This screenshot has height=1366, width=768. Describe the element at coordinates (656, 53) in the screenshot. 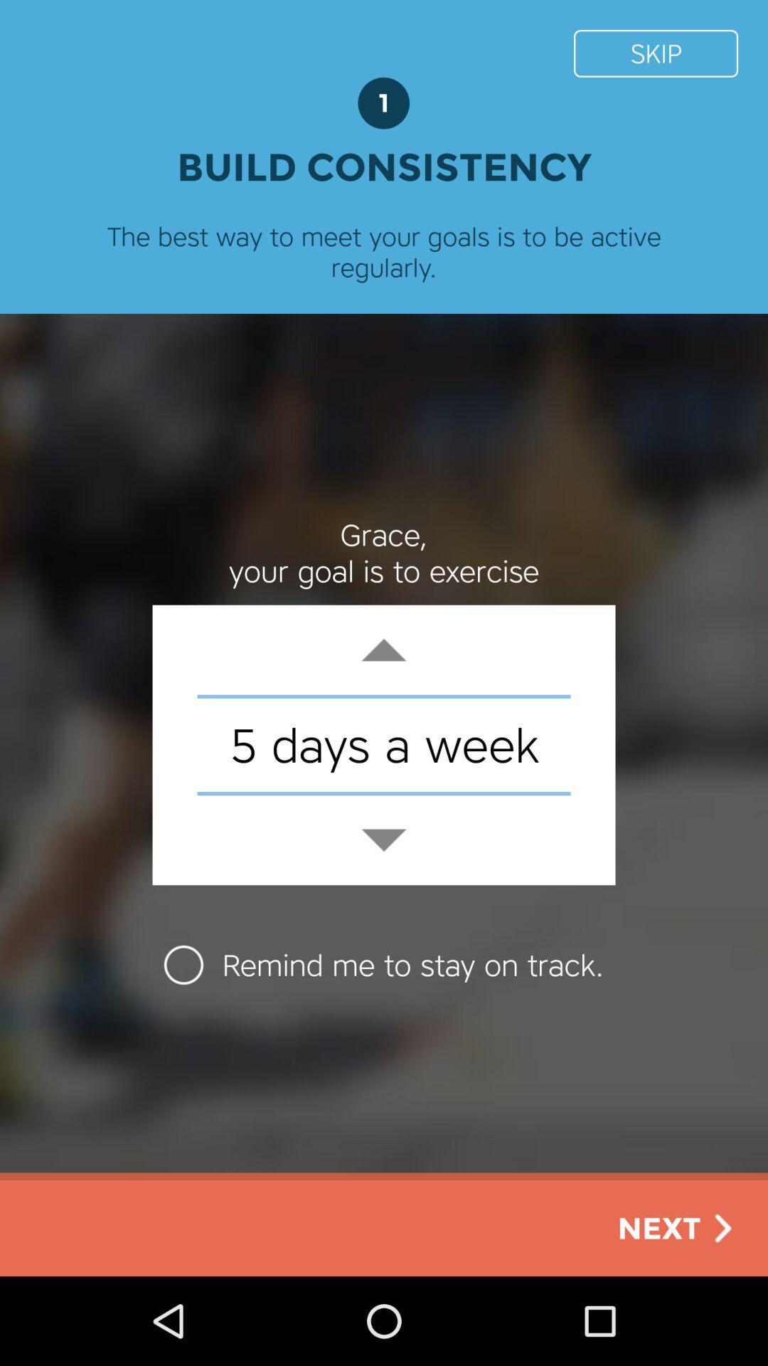

I see `the item above build consistency icon` at that location.